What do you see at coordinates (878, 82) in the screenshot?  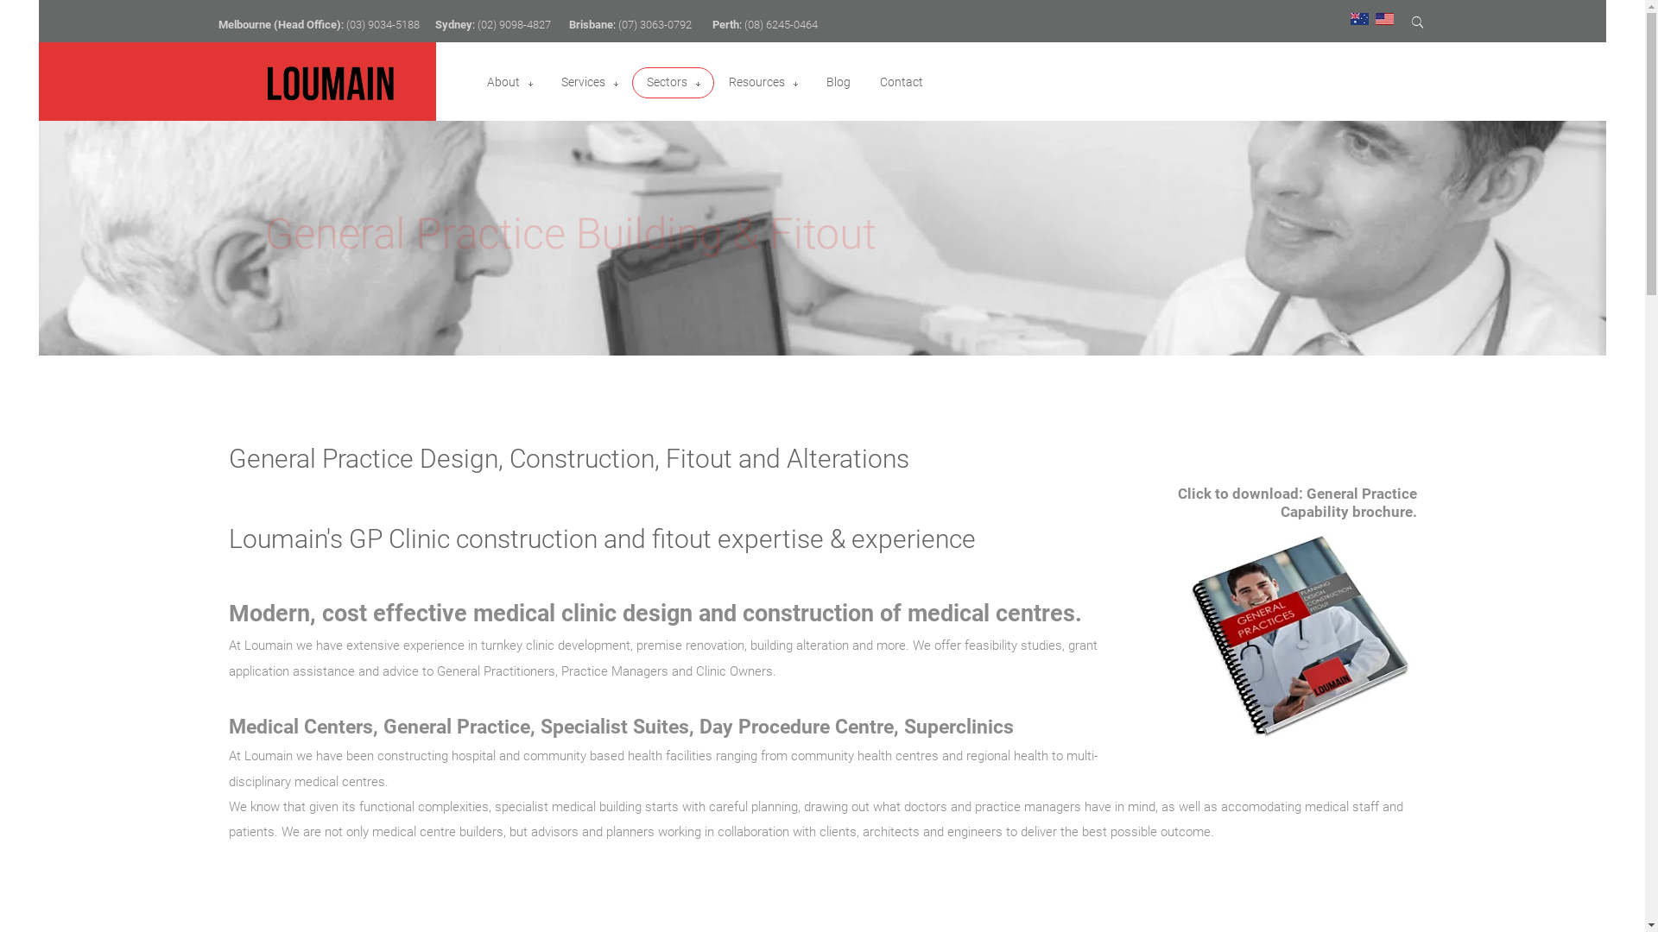 I see `'Contact'` at bounding box center [878, 82].